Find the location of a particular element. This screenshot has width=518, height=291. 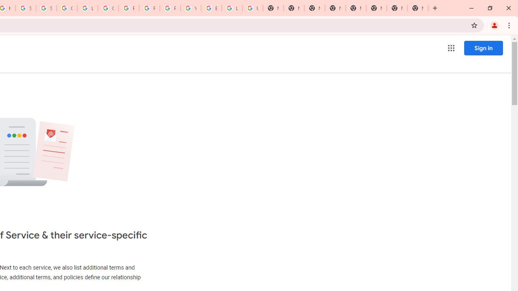

'Sign in - Google Accounts' is located at coordinates (45, 8).